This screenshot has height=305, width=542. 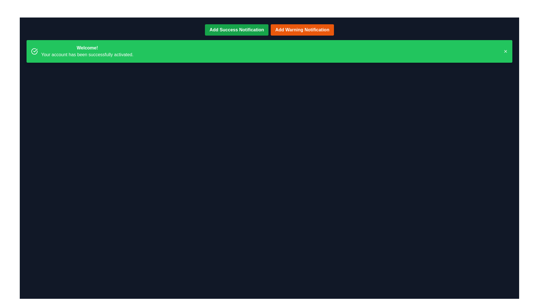 What do you see at coordinates (34, 51) in the screenshot?
I see `the circular green icon with a checkmark symbol, which signifies success, located next to the text 'Welcome! Your account has been successfully activated.' in the green notification banner` at bounding box center [34, 51].